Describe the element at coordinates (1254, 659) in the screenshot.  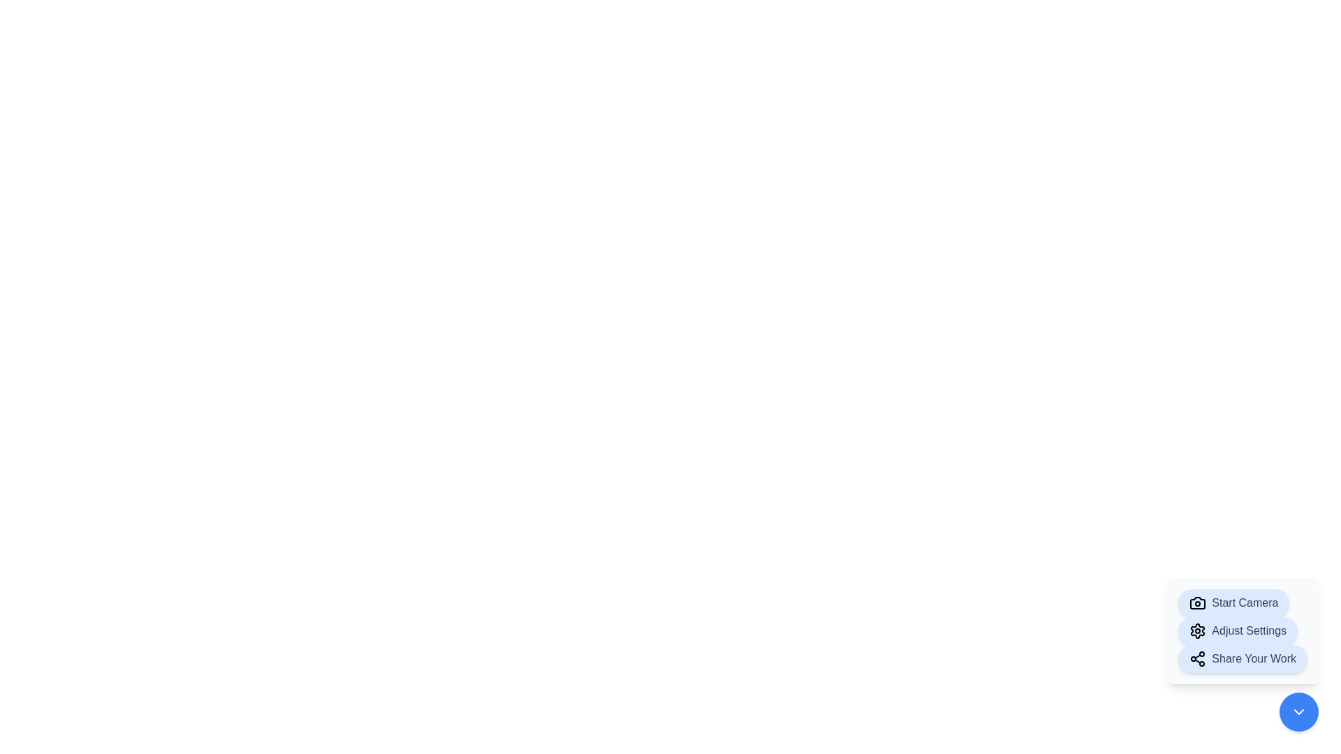
I see `the 'Share Your Work' text label, which is styled in bold gray and located at the bottom-right corner of the interface` at that location.